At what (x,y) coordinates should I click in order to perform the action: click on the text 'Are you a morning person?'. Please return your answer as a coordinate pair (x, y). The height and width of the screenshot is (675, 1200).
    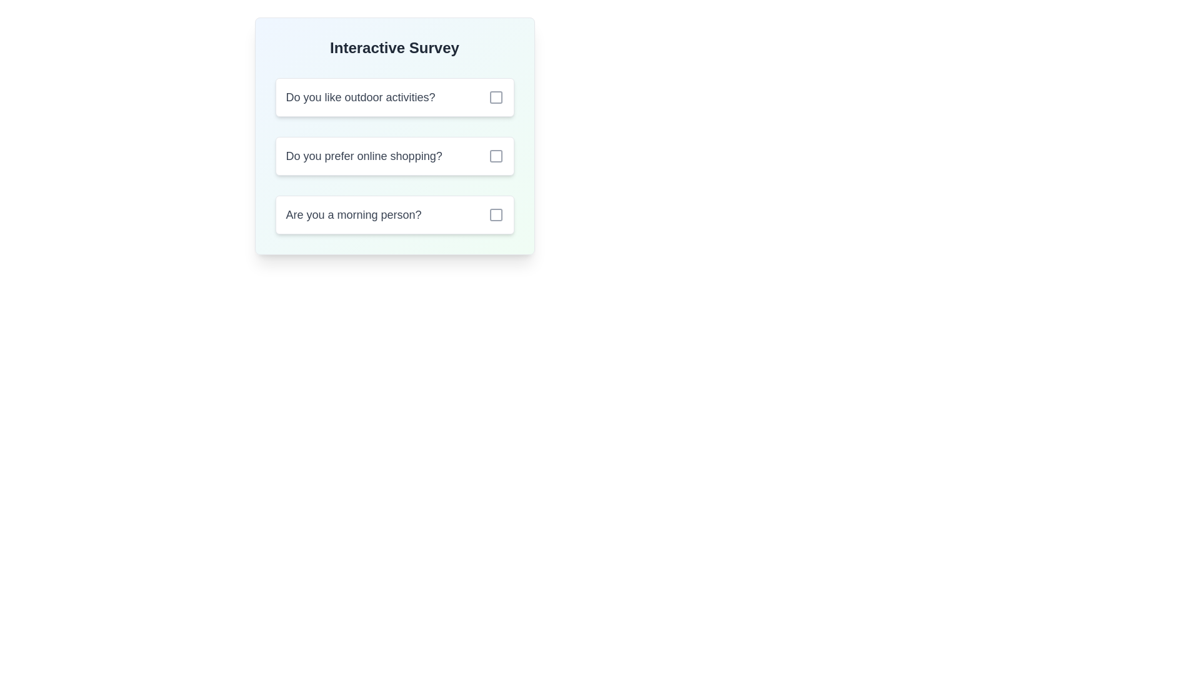
    Looking at the image, I should click on (394, 214).